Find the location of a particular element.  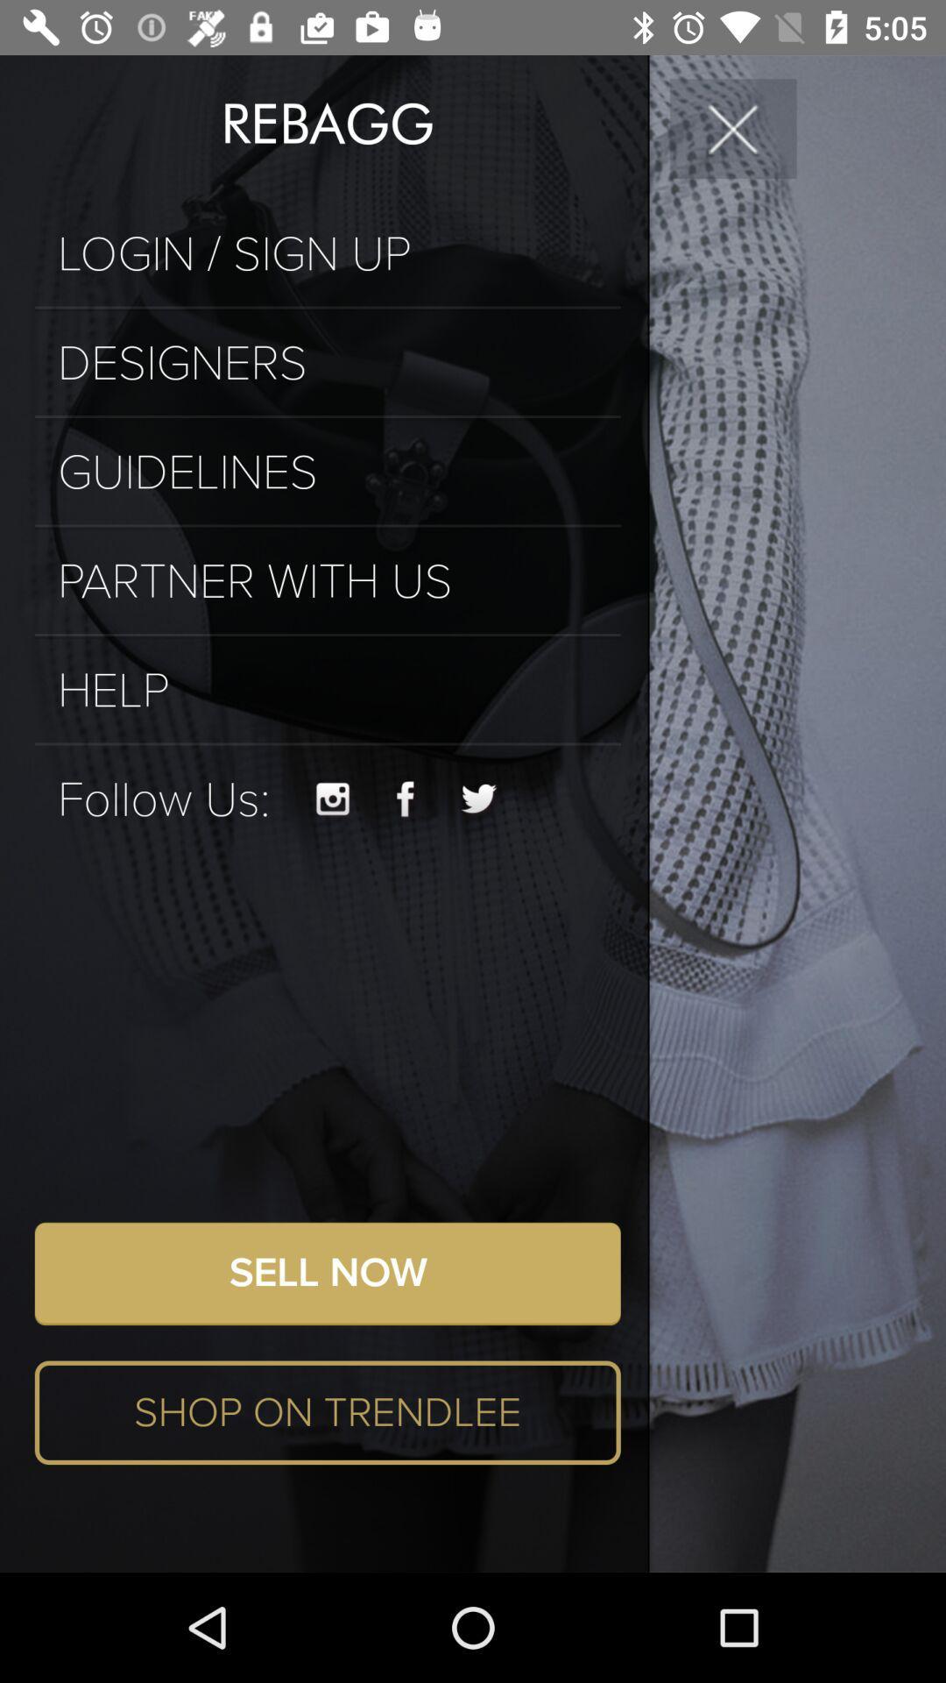

button is located at coordinates (733, 127).